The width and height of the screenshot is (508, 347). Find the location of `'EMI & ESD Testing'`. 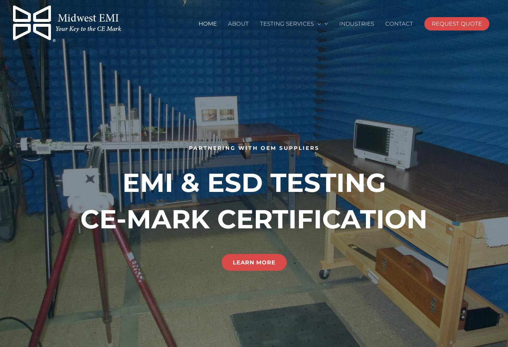

'EMI & ESD Testing' is located at coordinates (253, 182).